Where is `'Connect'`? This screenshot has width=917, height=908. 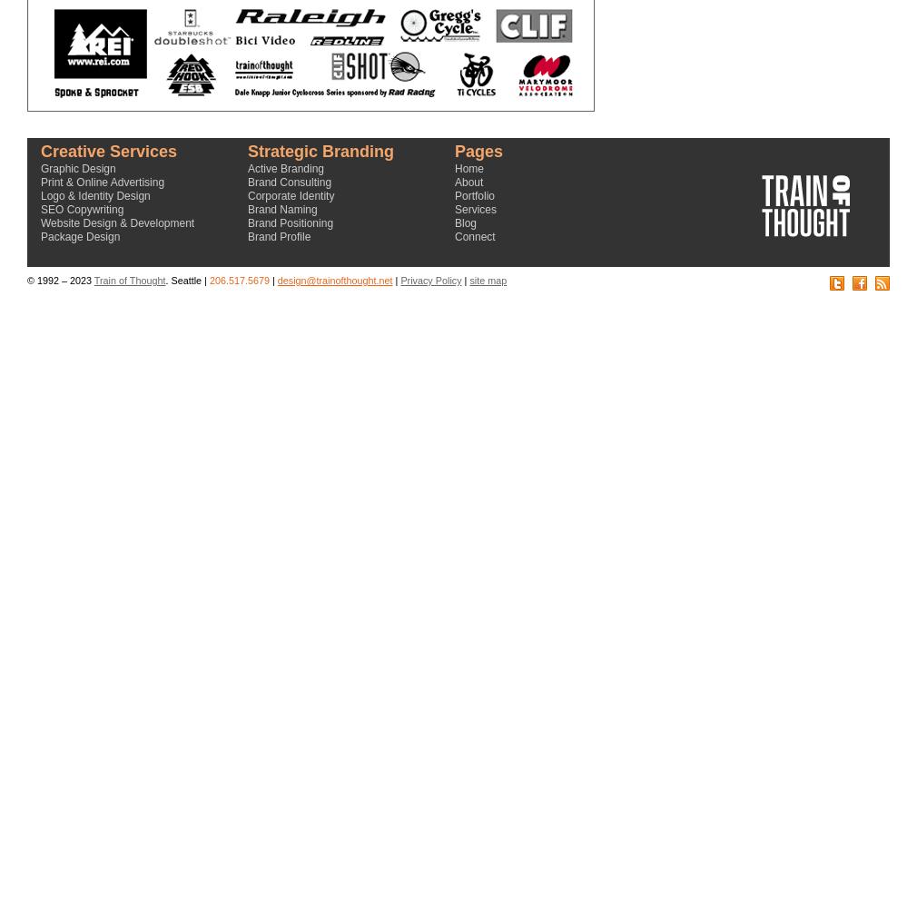 'Connect' is located at coordinates (454, 237).